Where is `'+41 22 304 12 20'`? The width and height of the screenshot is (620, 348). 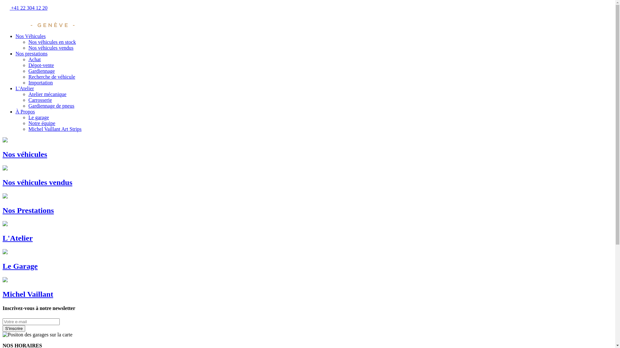
'+41 22 304 12 20' is located at coordinates (3, 8).